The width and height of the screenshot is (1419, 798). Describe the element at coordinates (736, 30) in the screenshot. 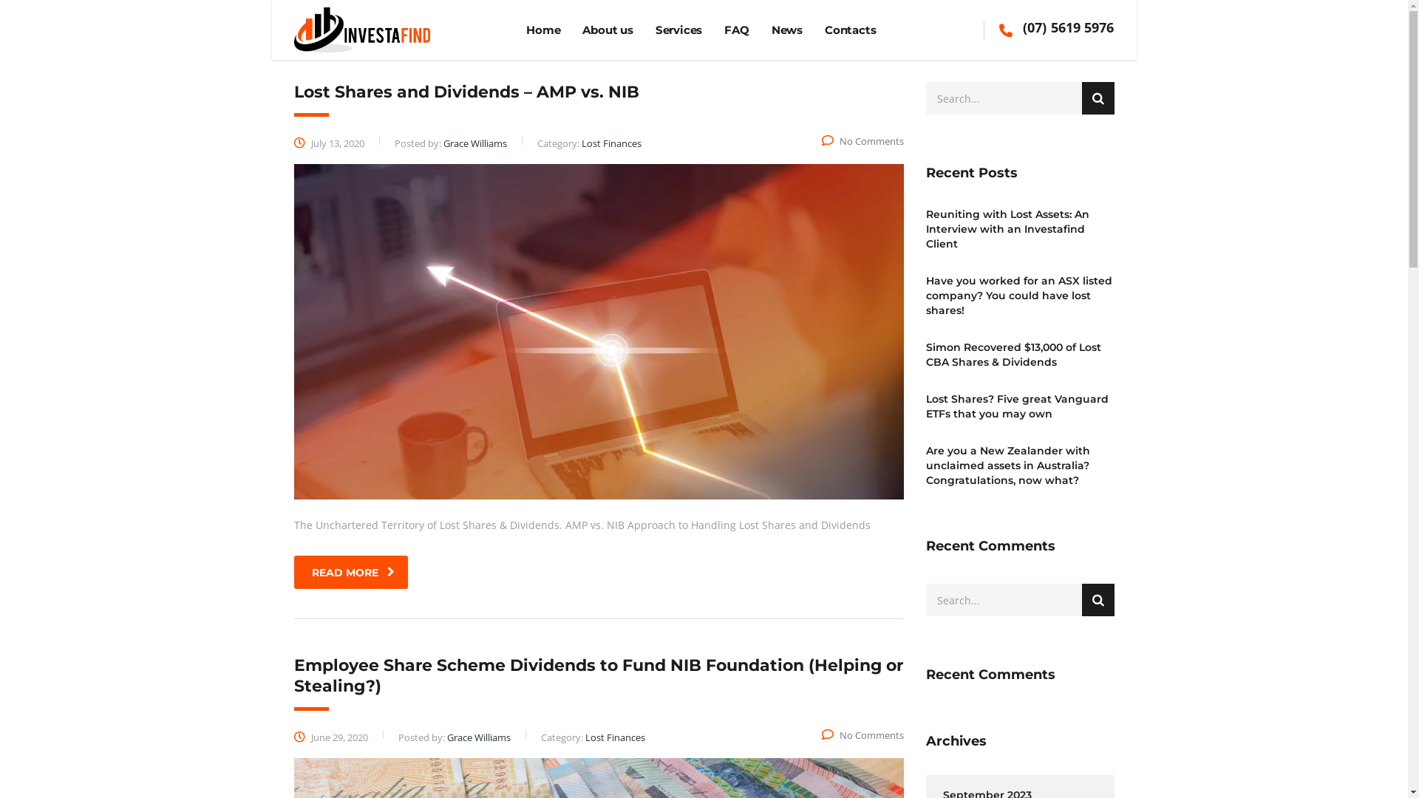

I see `'FAQ'` at that location.